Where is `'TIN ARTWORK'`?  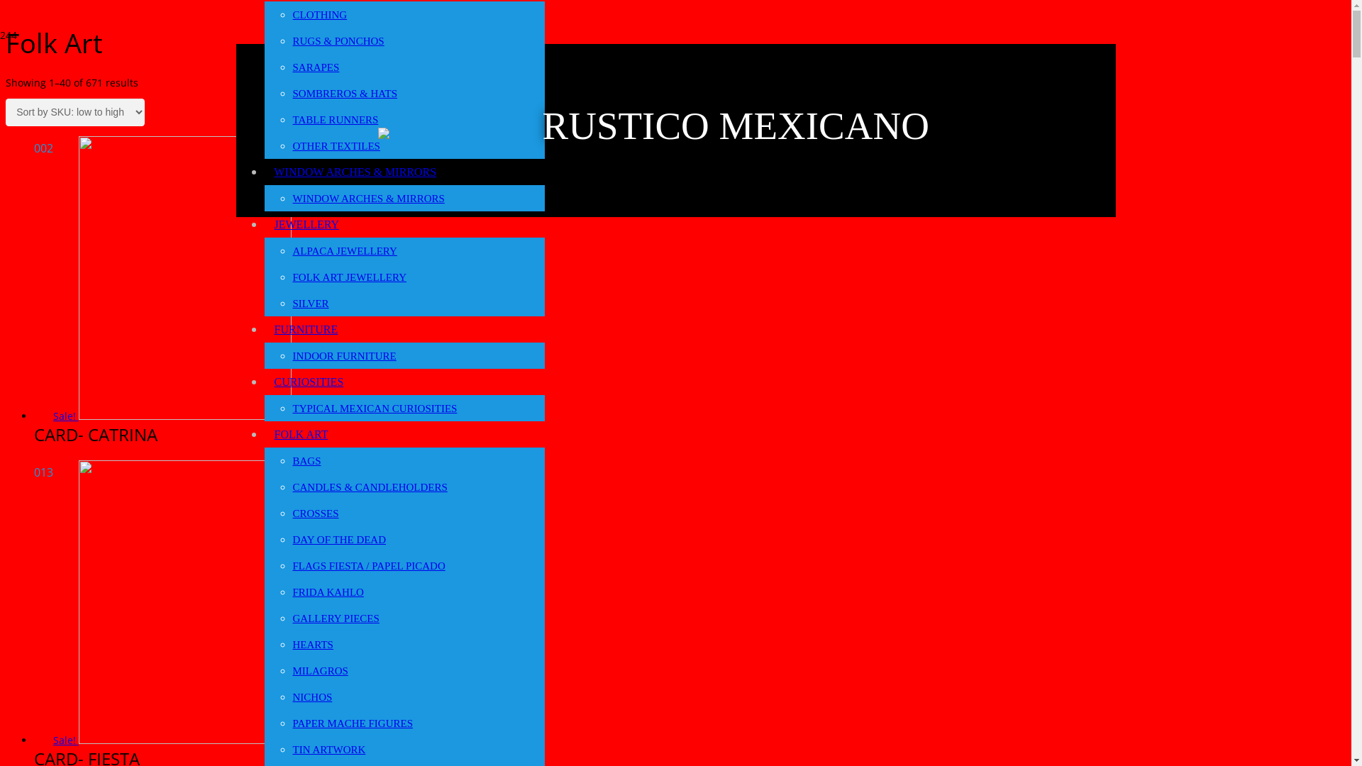
'TIN ARTWORK' is located at coordinates (328, 748).